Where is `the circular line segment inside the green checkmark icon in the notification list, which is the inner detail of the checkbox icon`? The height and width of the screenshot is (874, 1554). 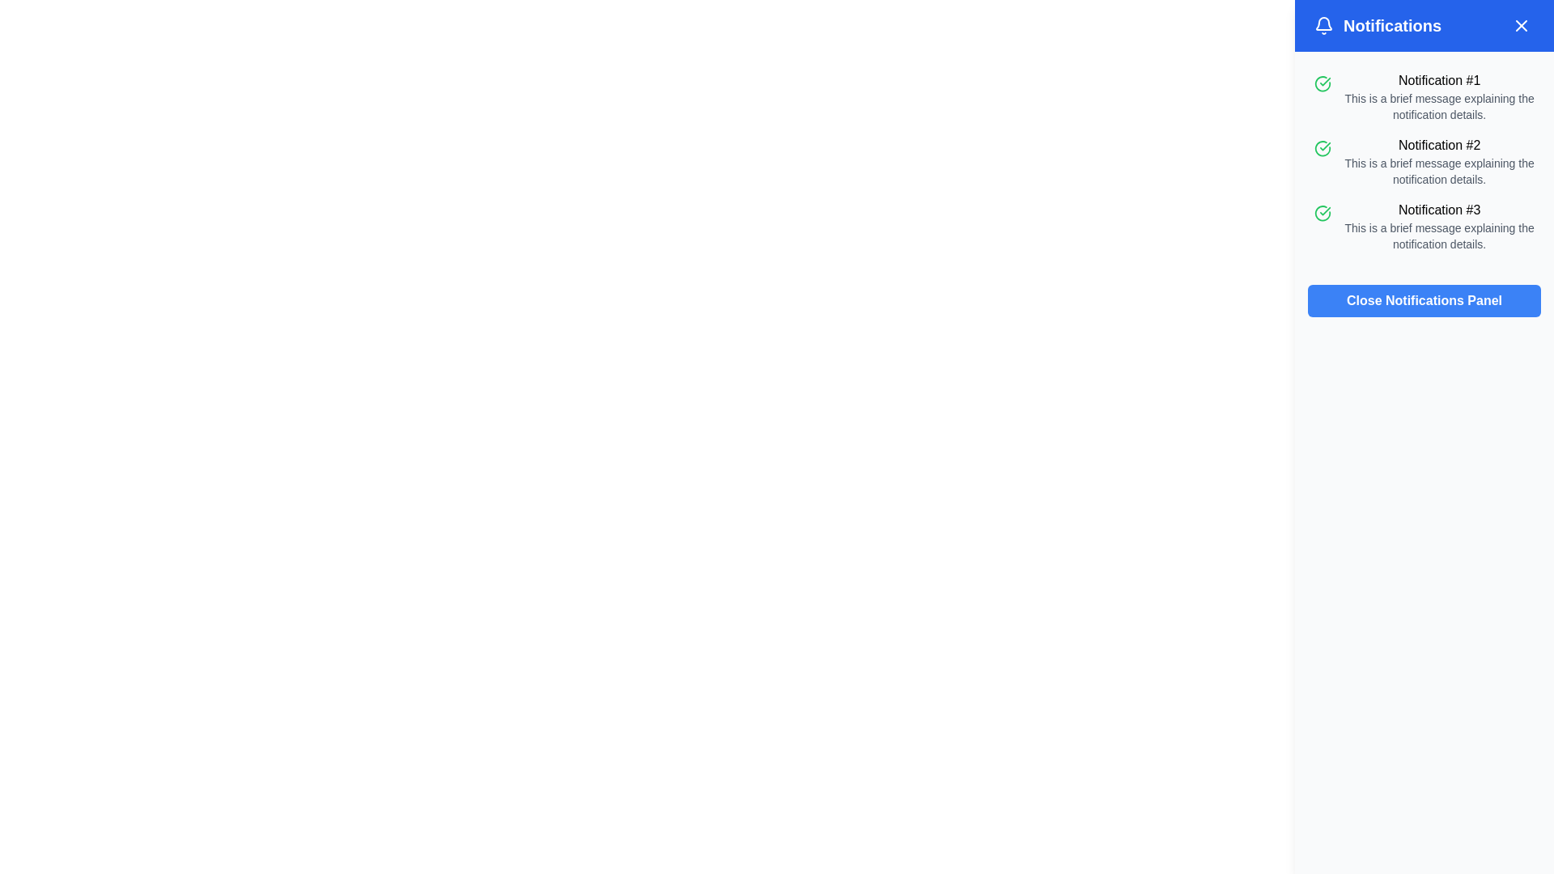
the circular line segment inside the green checkmark icon in the notification list, which is the inner detail of the checkbox icon is located at coordinates (1323, 84).